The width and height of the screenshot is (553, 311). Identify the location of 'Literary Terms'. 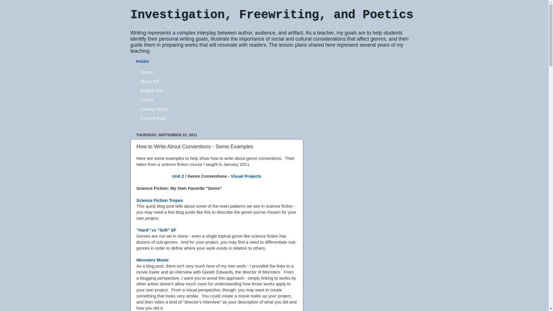
(154, 109).